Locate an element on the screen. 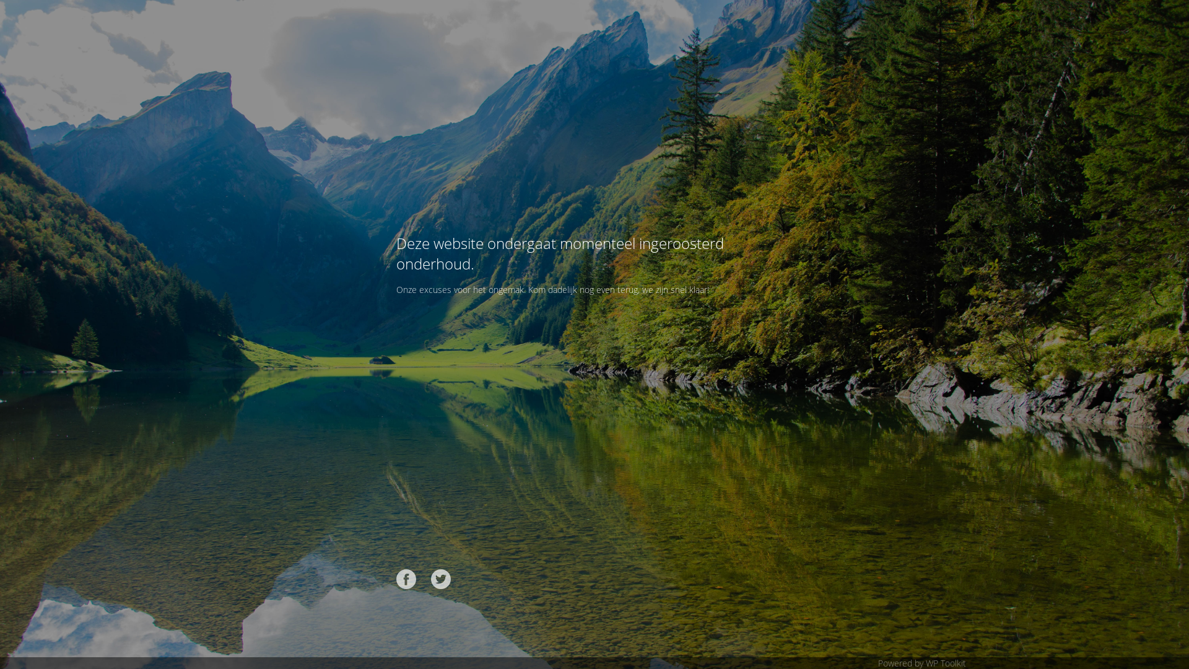 The image size is (1189, 669). 'Facebook' is located at coordinates (406, 579).